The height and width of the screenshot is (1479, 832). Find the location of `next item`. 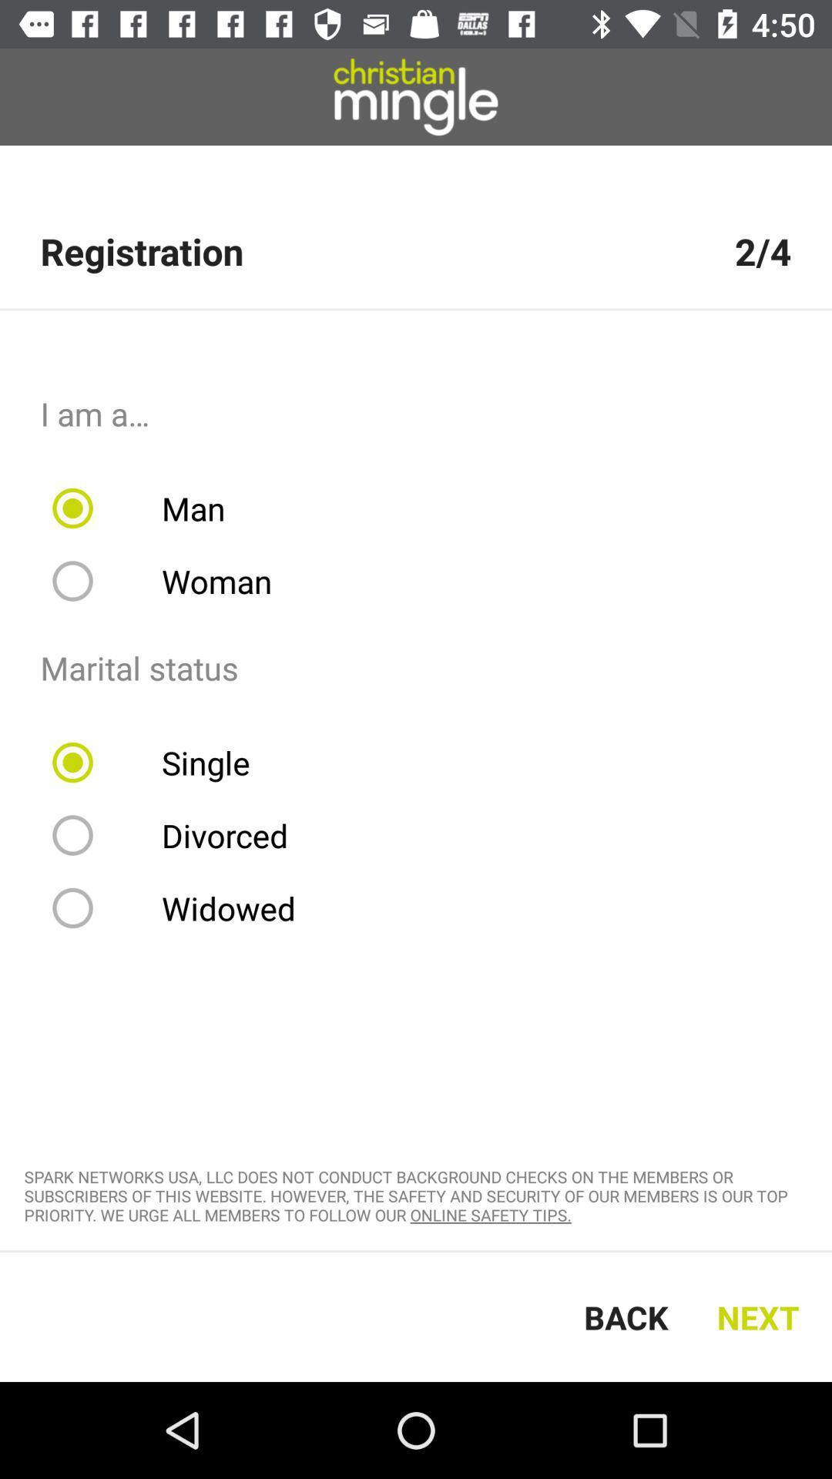

next item is located at coordinates (761, 1316).